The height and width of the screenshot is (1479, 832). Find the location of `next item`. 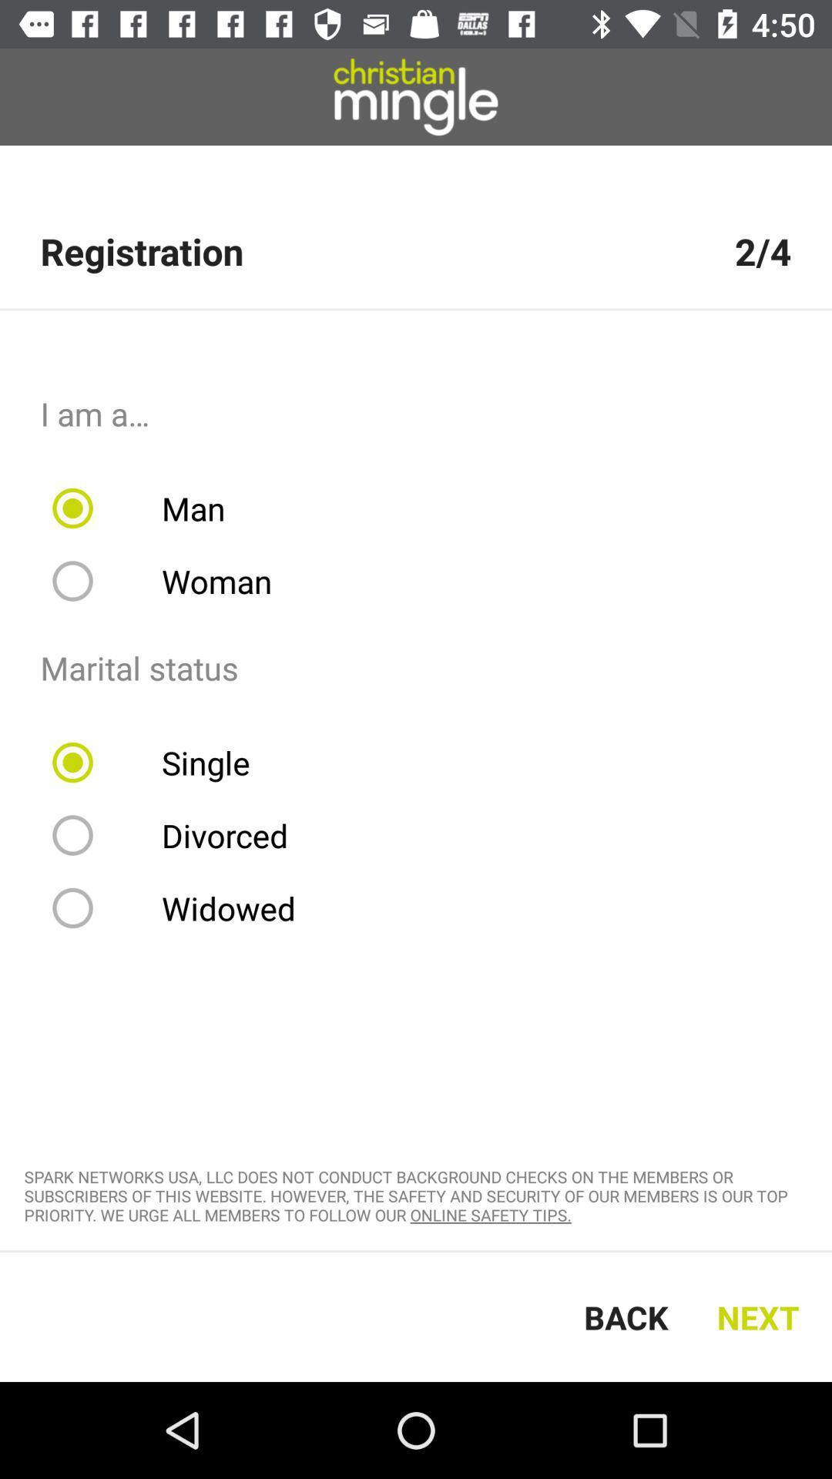

next item is located at coordinates (761, 1316).